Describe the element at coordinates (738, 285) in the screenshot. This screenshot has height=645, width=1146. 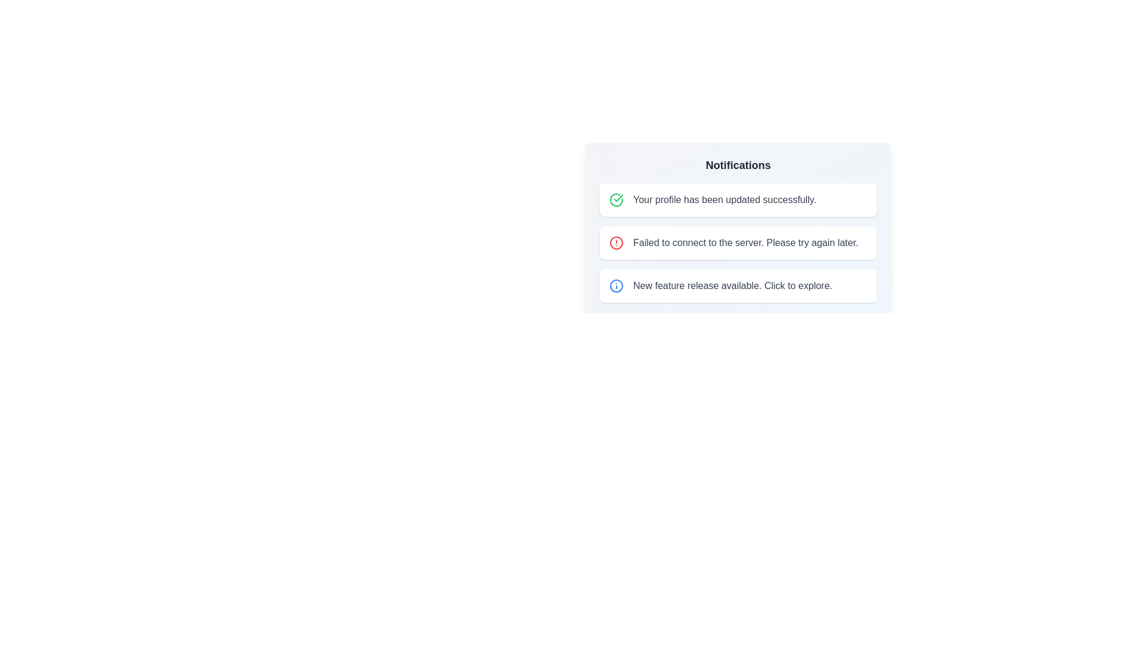
I see `the Notification card, which is the third item in the vertical list of notifications` at that location.